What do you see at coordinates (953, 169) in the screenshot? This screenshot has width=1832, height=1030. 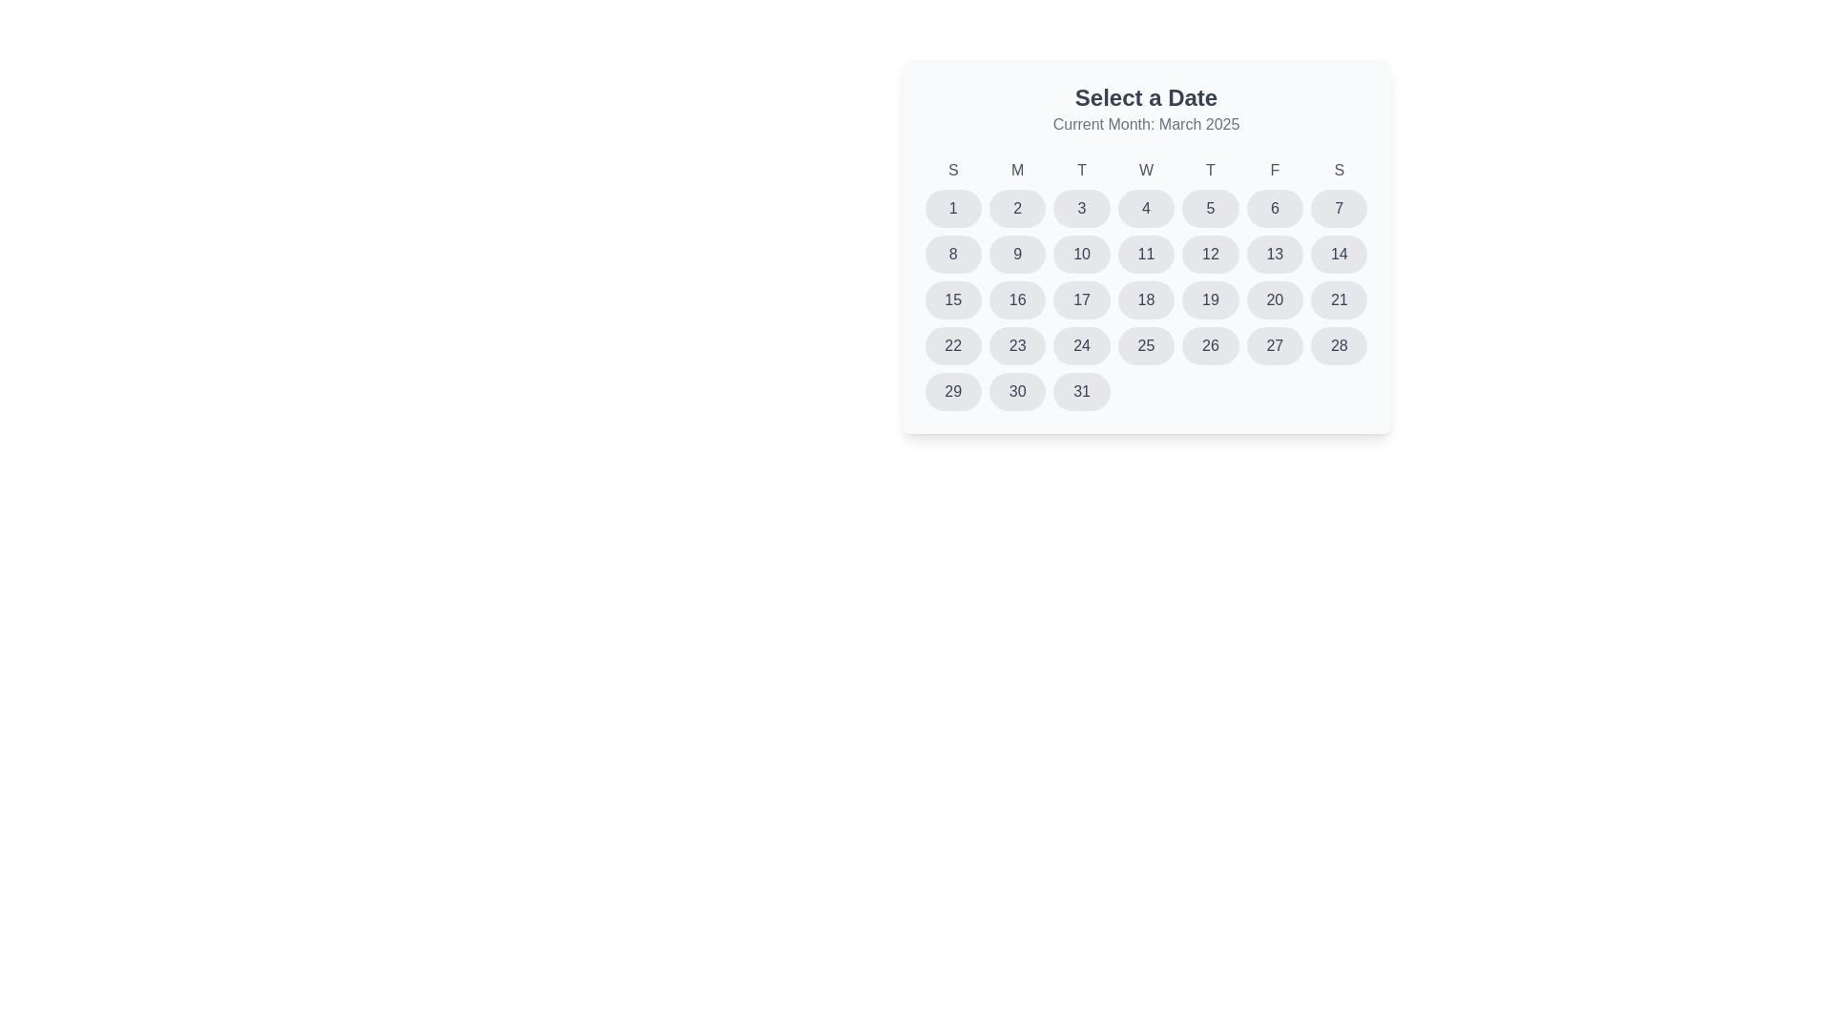 I see `the 'S' text label in the calendar grid that indicates Sundays` at bounding box center [953, 169].